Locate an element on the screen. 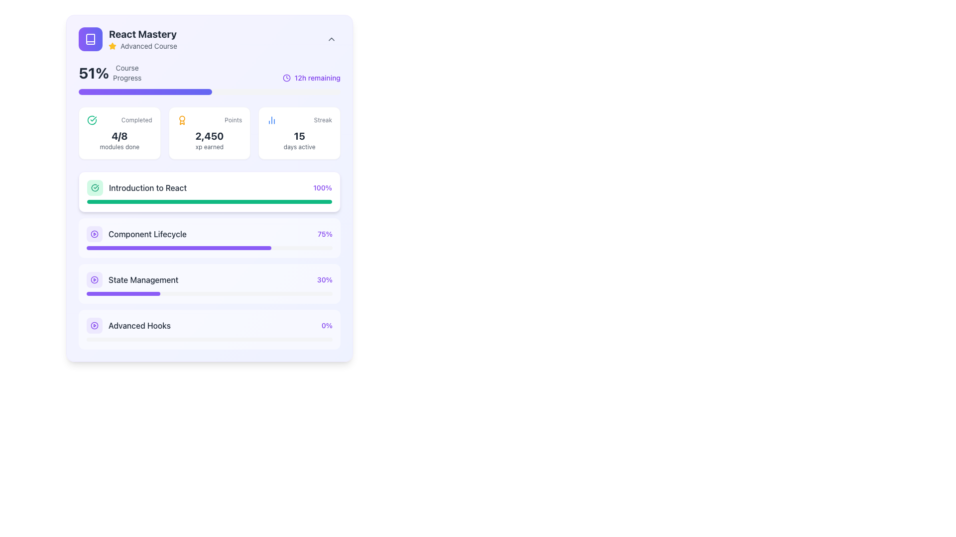 The image size is (956, 537). the small circular button with a violet background and a play symbol located at the beginning of the 'State Management' row to proceed is located at coordinates (95, 280).